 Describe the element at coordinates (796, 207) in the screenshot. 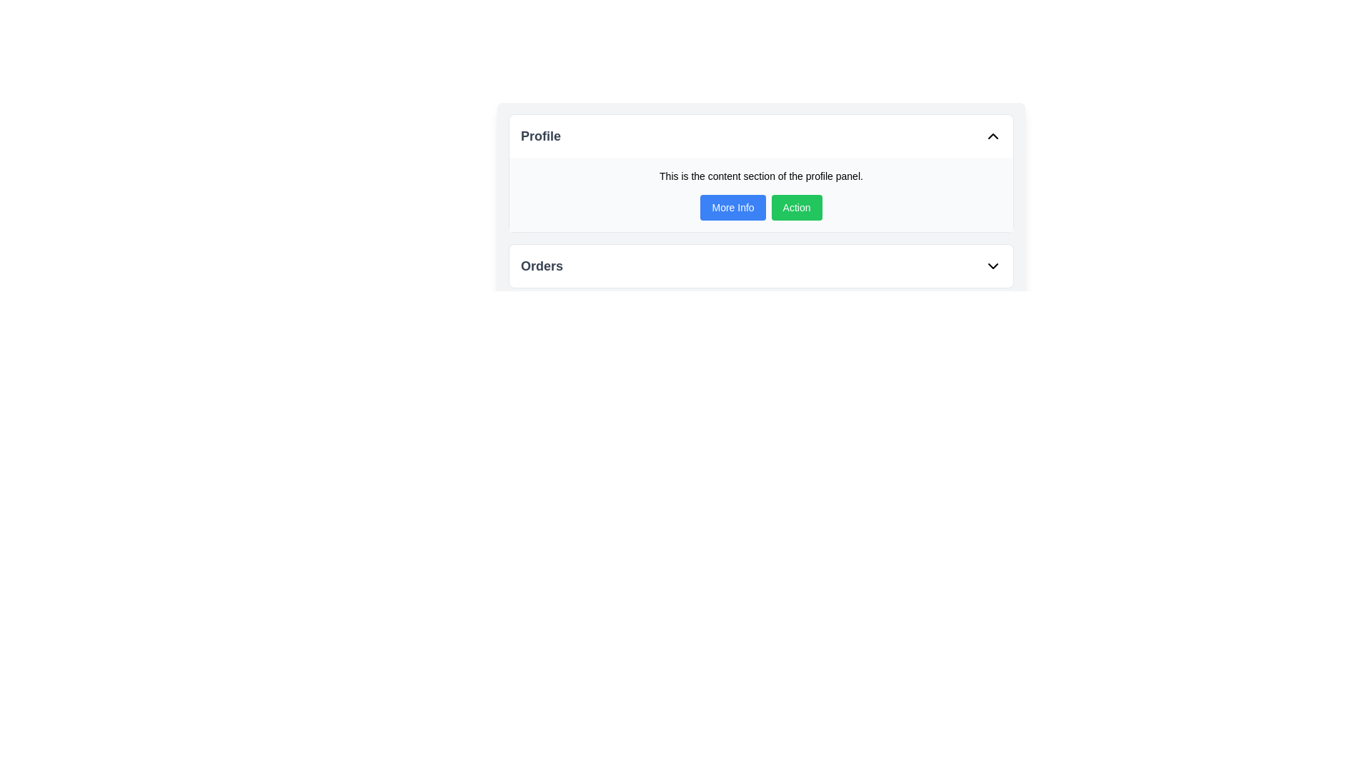

I see `the interactive button located in the 'Profile' panel, positioned to the right of the blue 'More Info' button, to initiate the related action` at that location.